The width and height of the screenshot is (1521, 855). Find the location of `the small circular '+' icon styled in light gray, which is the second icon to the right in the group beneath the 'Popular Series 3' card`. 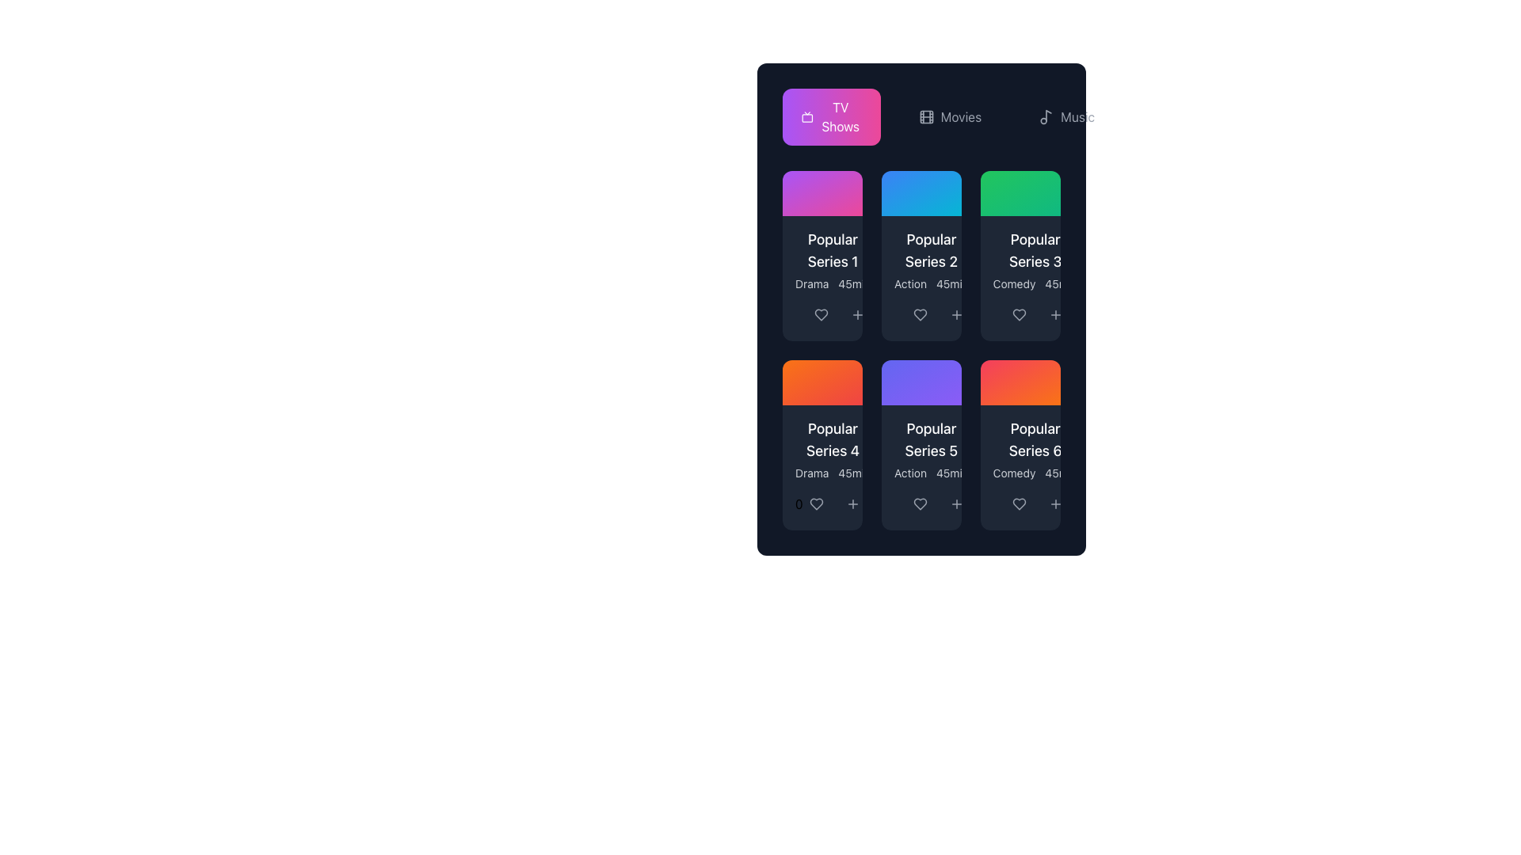

the small circular '+' icon styled in light gray, which is the second icon to the right in the group beneath the 'Popular Series 3' card is located at coordinates (1056, 314).